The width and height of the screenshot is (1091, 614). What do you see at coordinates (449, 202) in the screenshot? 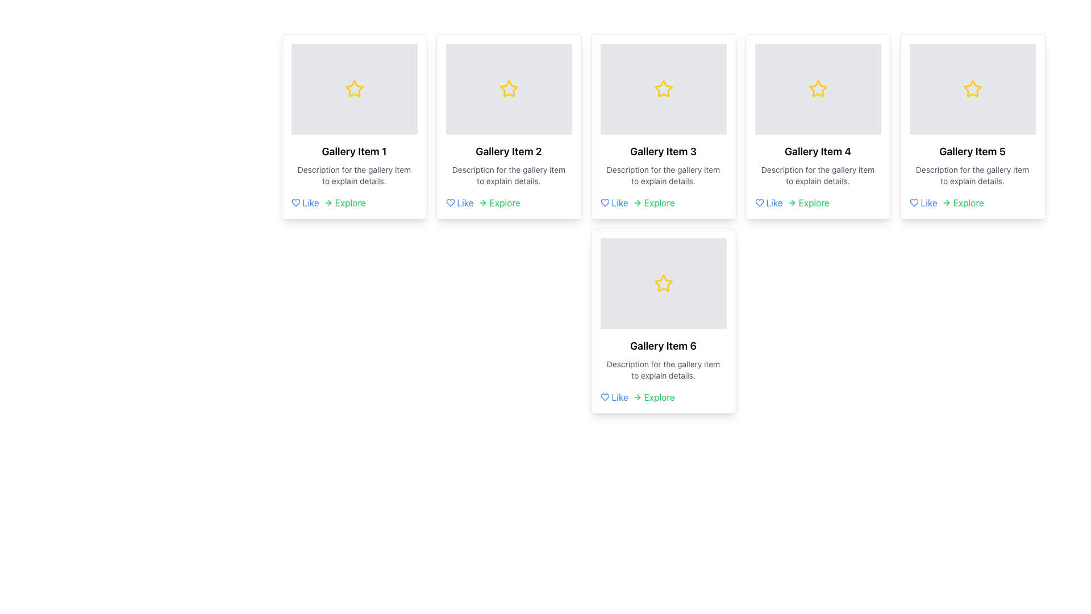
I see `the 'Like' icon in the top row of the gallery layout, positioned before the text 'Like'` at bounding box center [449, 202].